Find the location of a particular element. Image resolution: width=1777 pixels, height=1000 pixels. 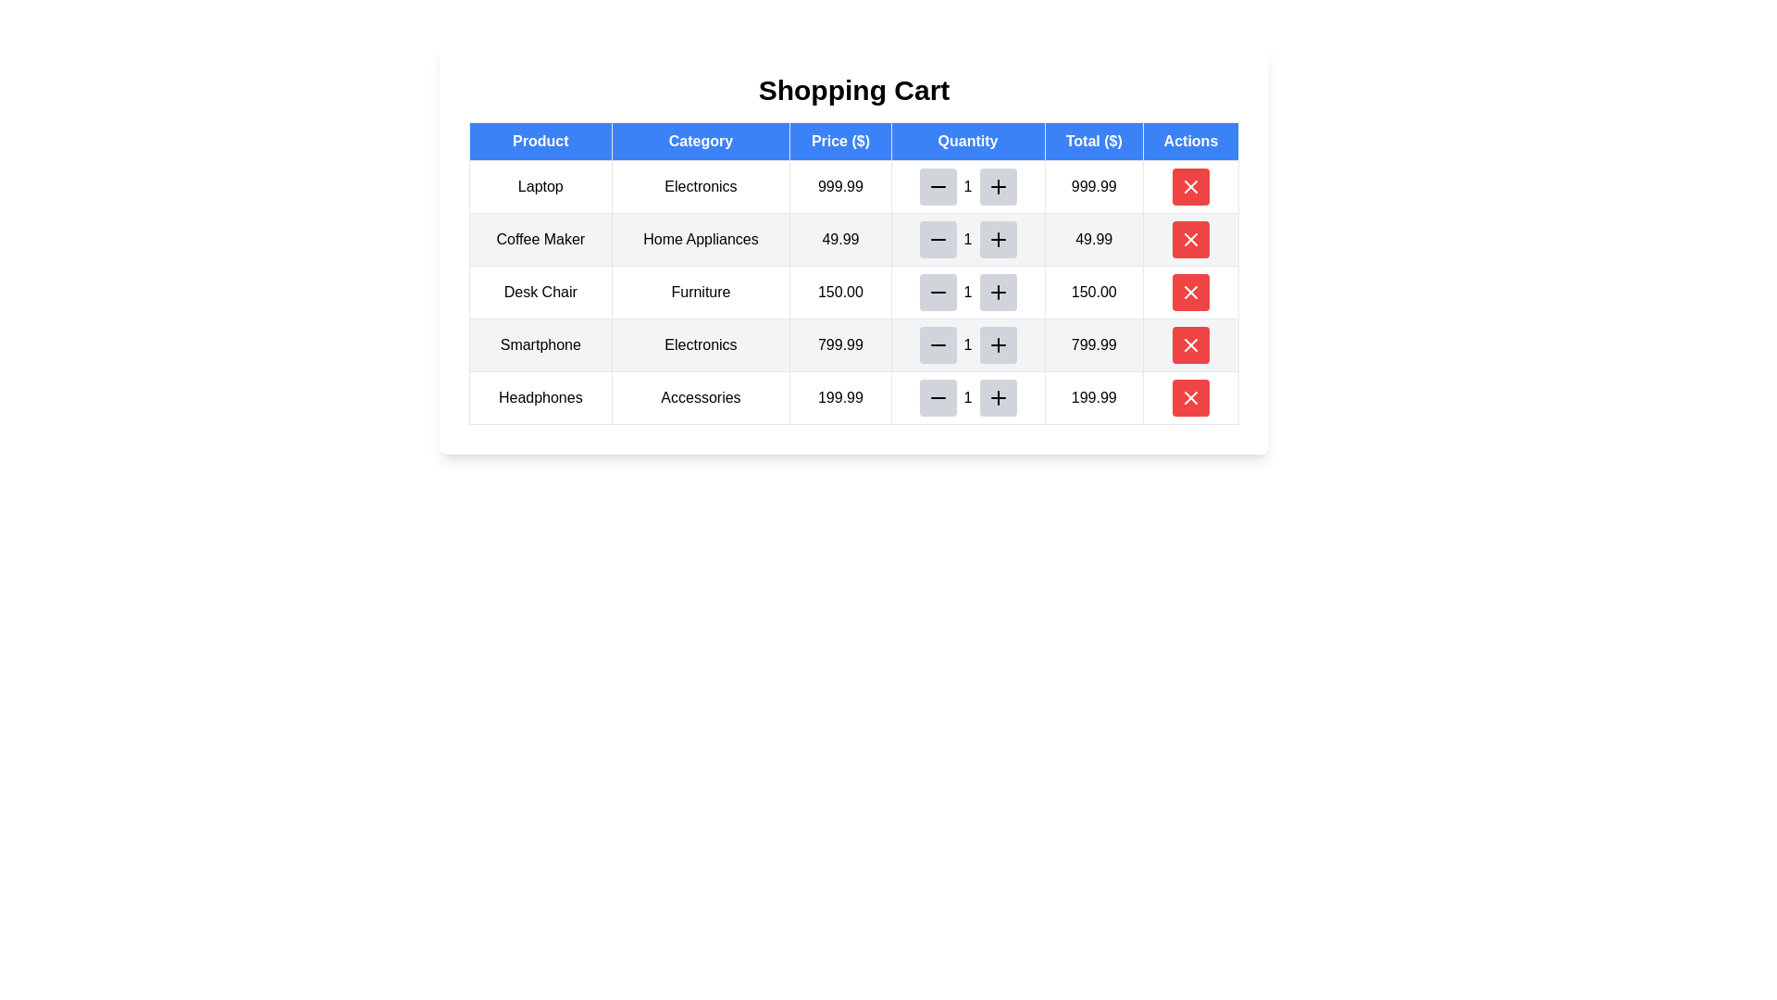

the text element displaying the price '150.00' in the shopping cart UI, located in the second column of the row labeled 'Desk Chair' and 'Furniture' is located at coordinates (839, 292).